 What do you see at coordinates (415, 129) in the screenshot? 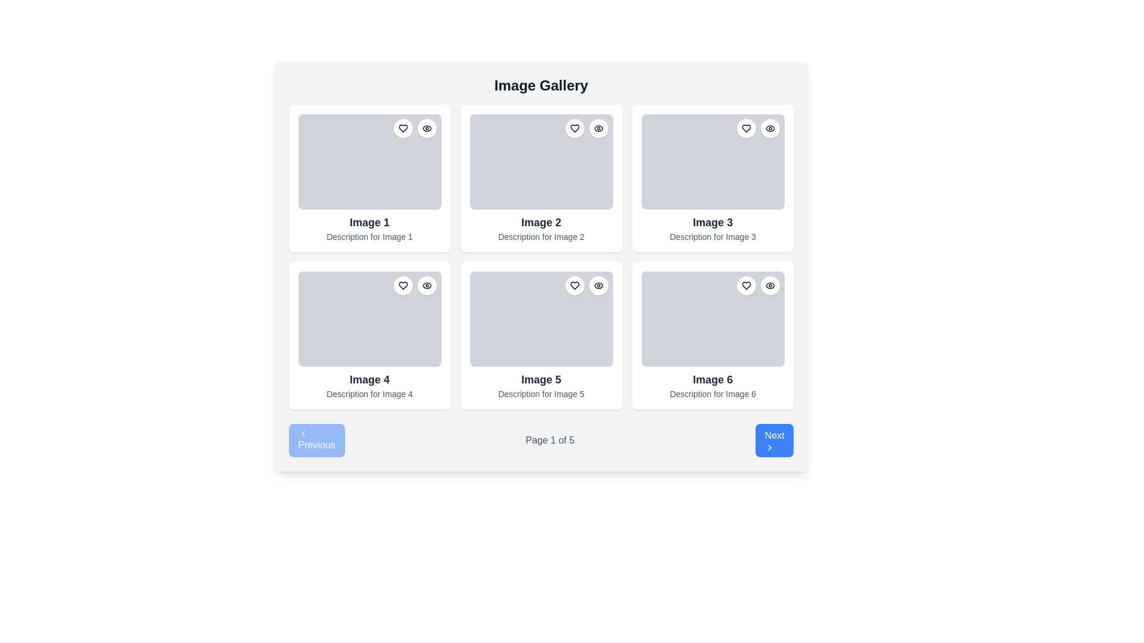
I see `the heart icon located at the top-right corner of the first image card to favorite the image` at bounding box center [415, 129].